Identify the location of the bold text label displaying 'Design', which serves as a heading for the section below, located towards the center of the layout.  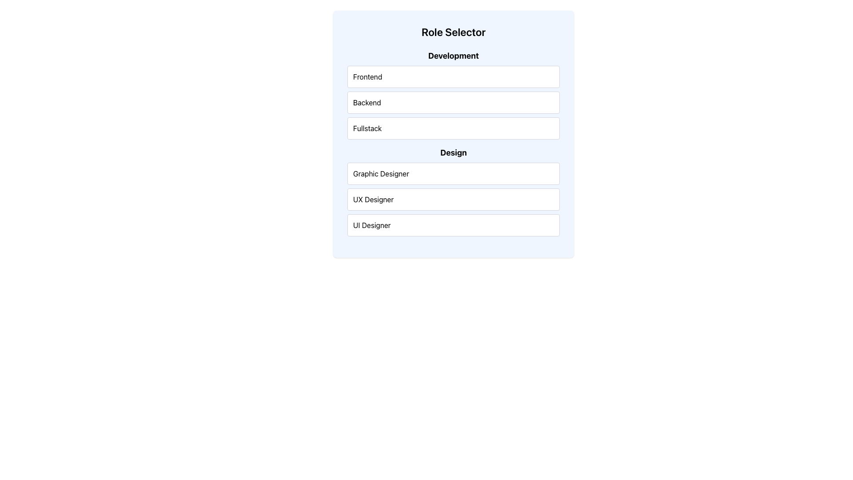
(454, 152).